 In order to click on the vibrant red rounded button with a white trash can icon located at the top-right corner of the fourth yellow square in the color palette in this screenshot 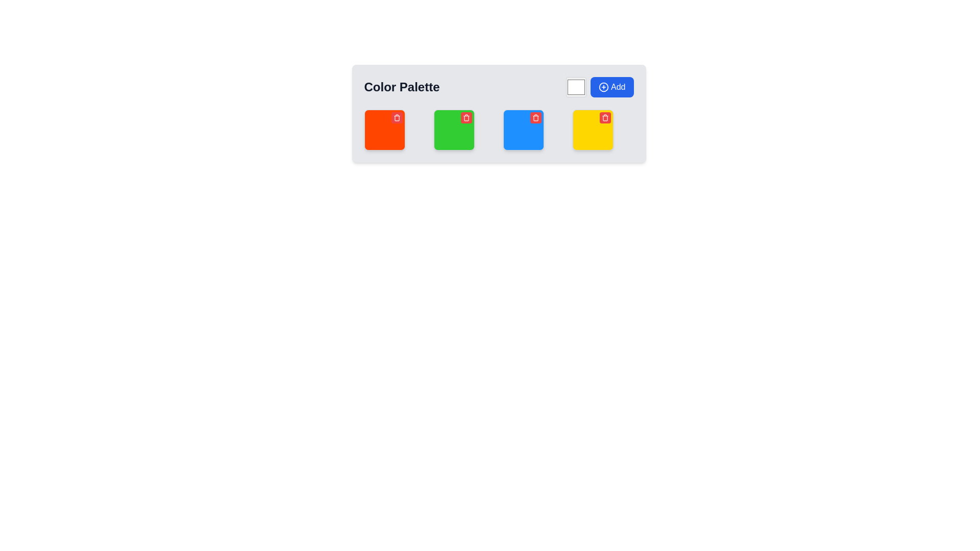, I will do `click(605, 117)`.